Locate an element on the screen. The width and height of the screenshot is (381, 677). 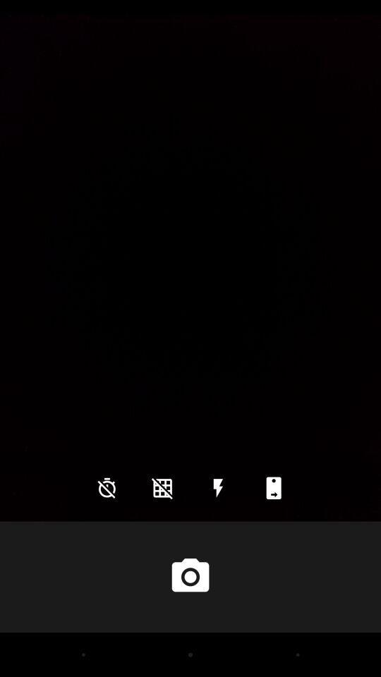
item at the bottom left corner is located at coordinates (106, 488).